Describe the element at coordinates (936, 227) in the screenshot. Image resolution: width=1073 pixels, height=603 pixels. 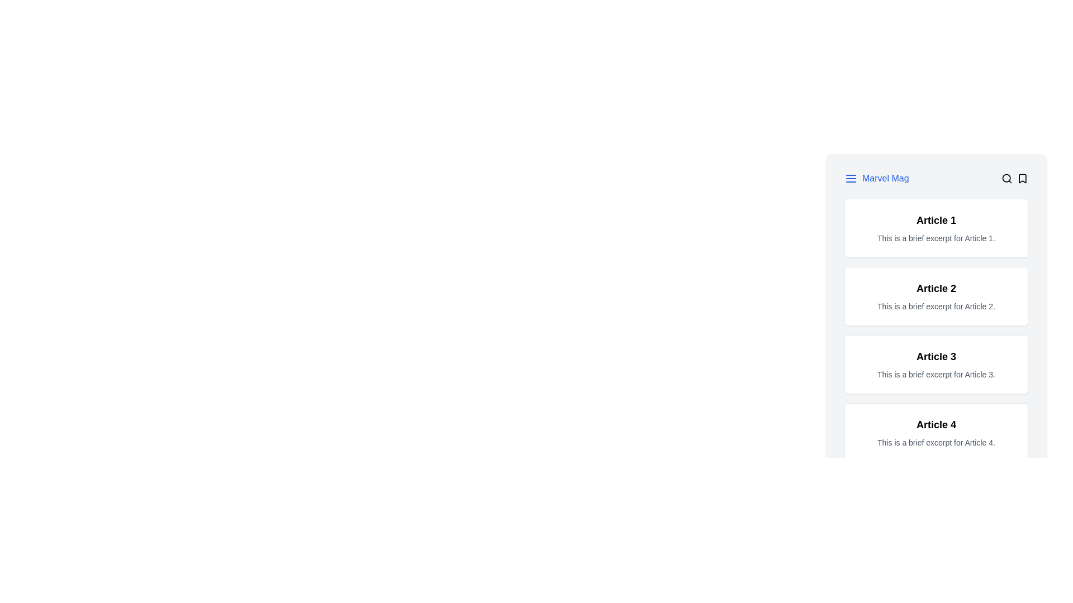
I see `the first card in the vertical grid layout, which has a white background, rounded corners, and contains the title 'Article 1'` at that location.